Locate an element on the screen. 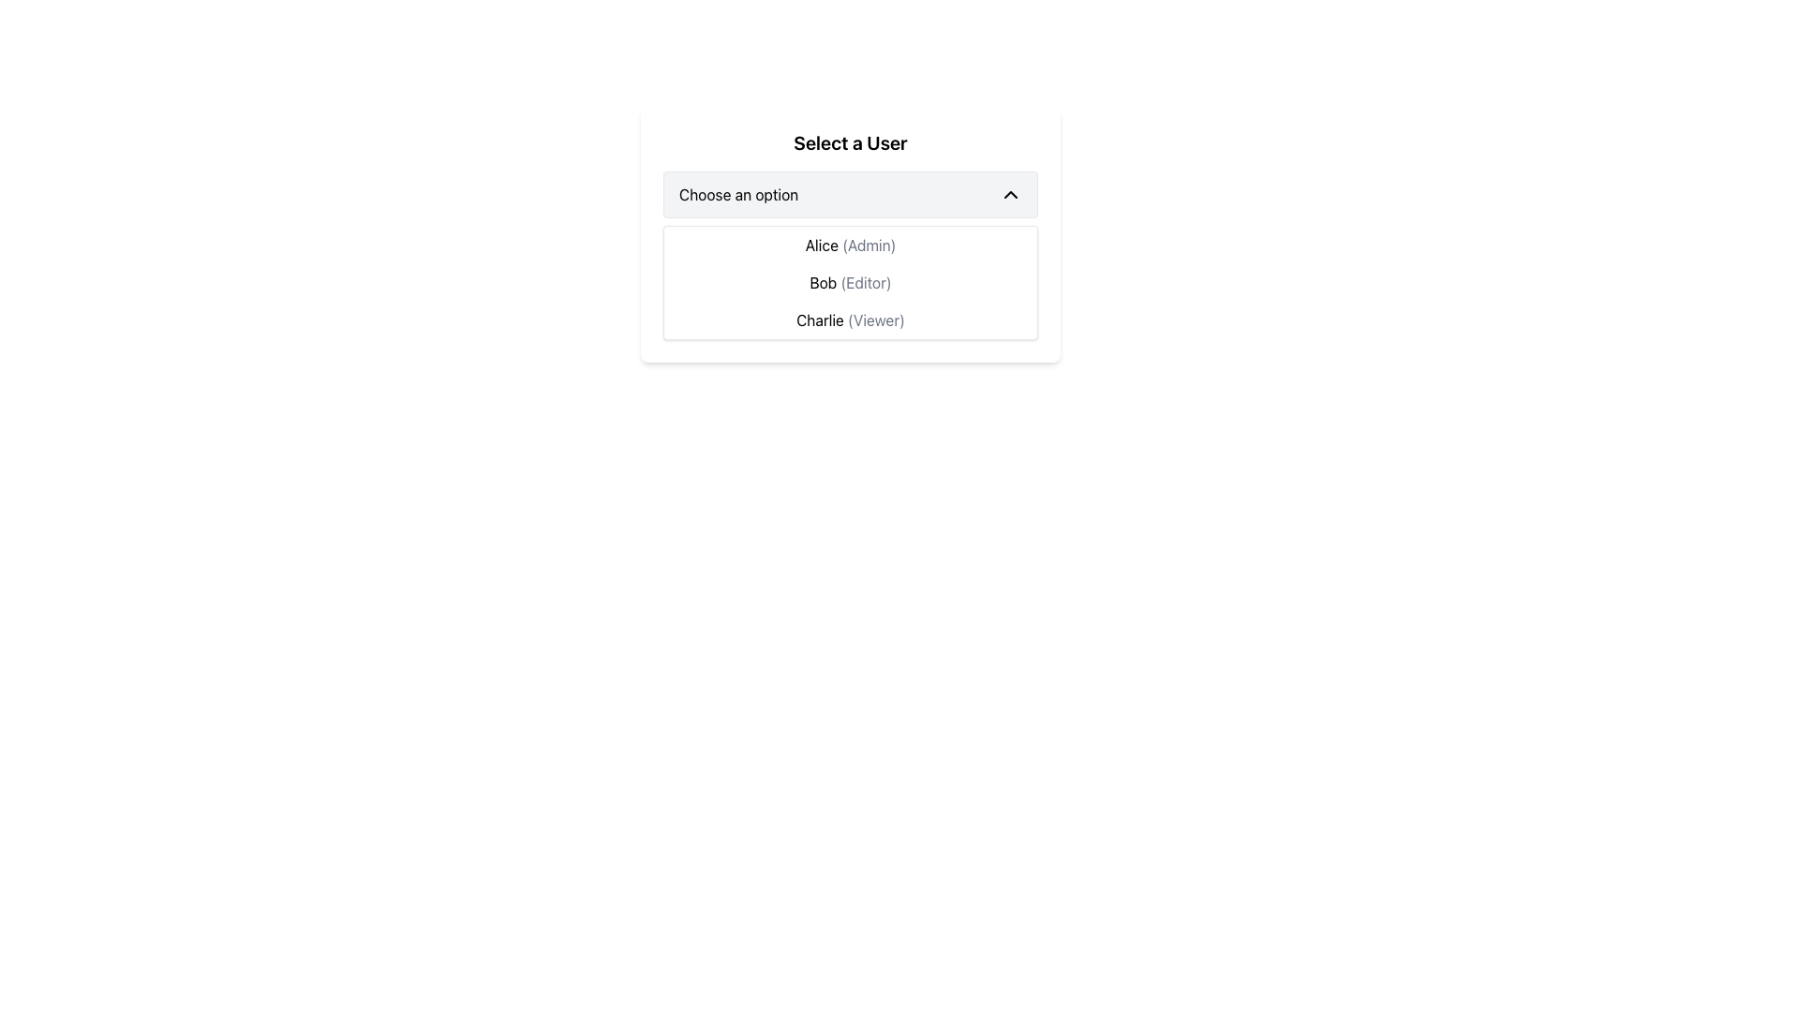  the selectable list item labeled 'Alice (Admin)' in the dropdown menu is located at coordinates (849, 233).